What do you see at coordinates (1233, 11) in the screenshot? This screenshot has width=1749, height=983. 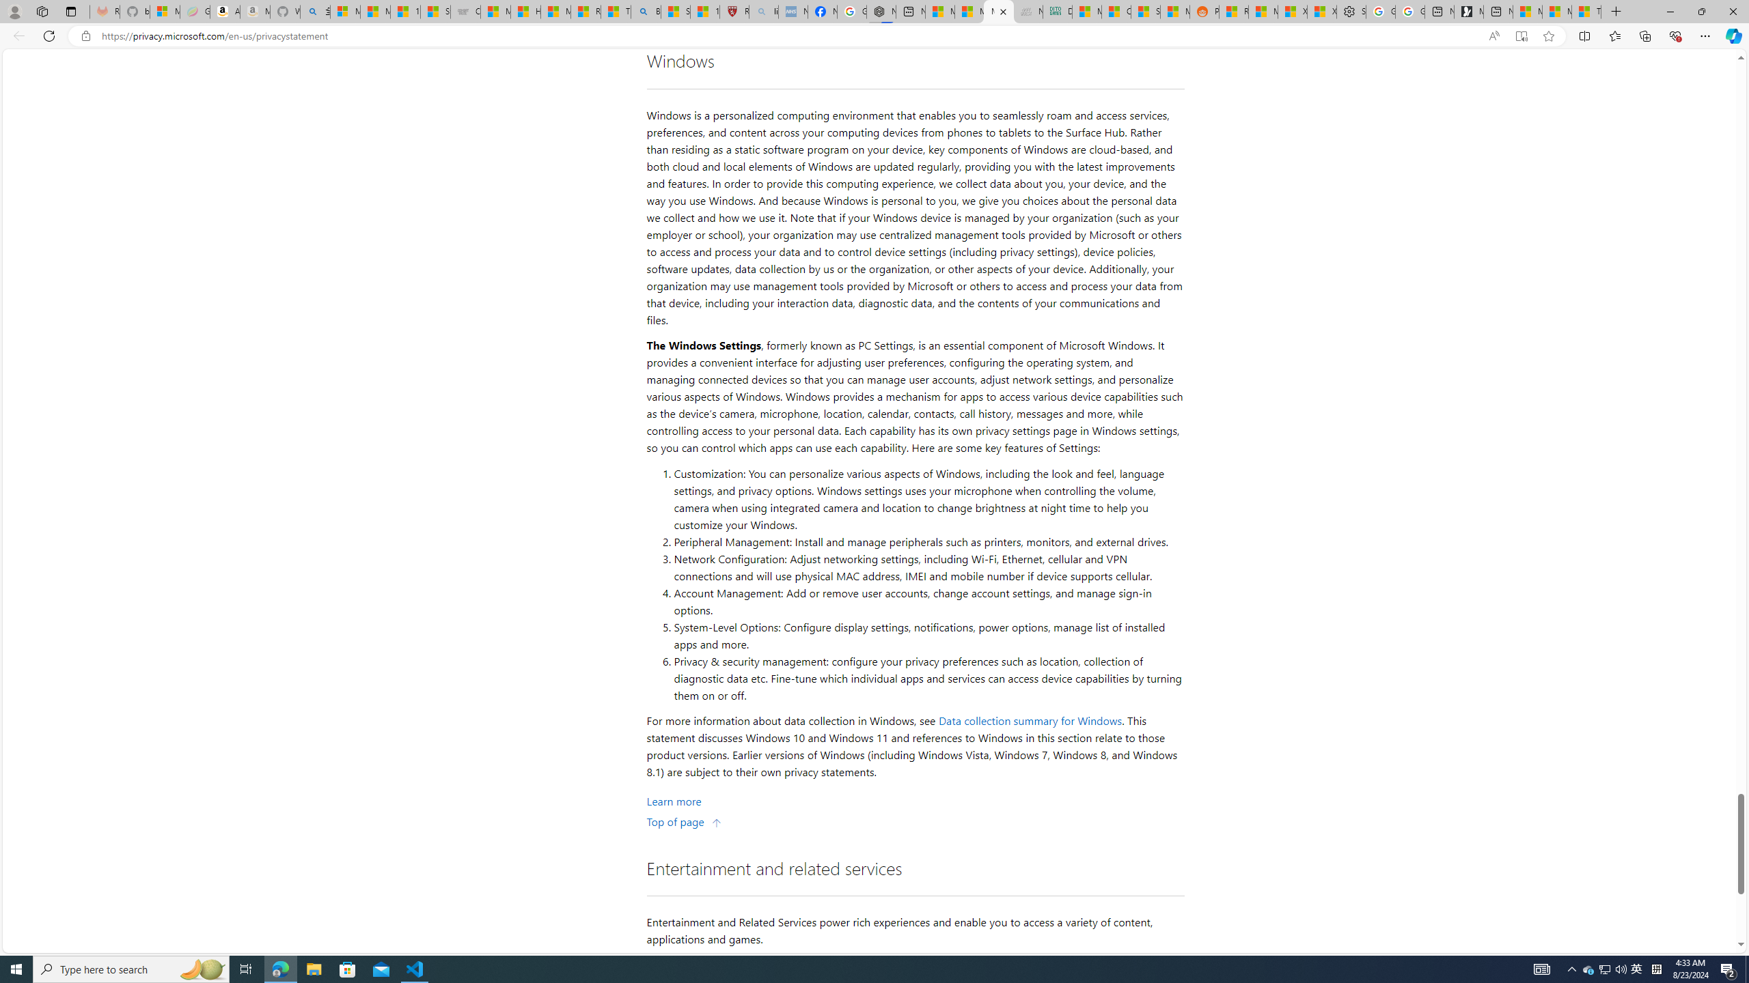 I see `'R******* | Trusted Community Engagement and Contributions'` at bounding box center [1233, 11].